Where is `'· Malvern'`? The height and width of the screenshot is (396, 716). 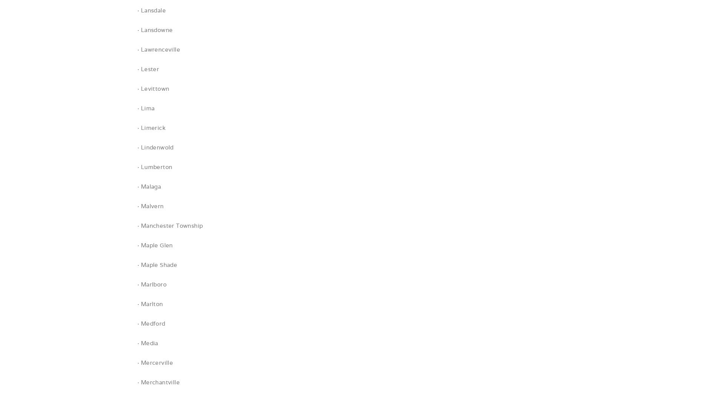 '· Malvern' is located at coordinates (150, 206).